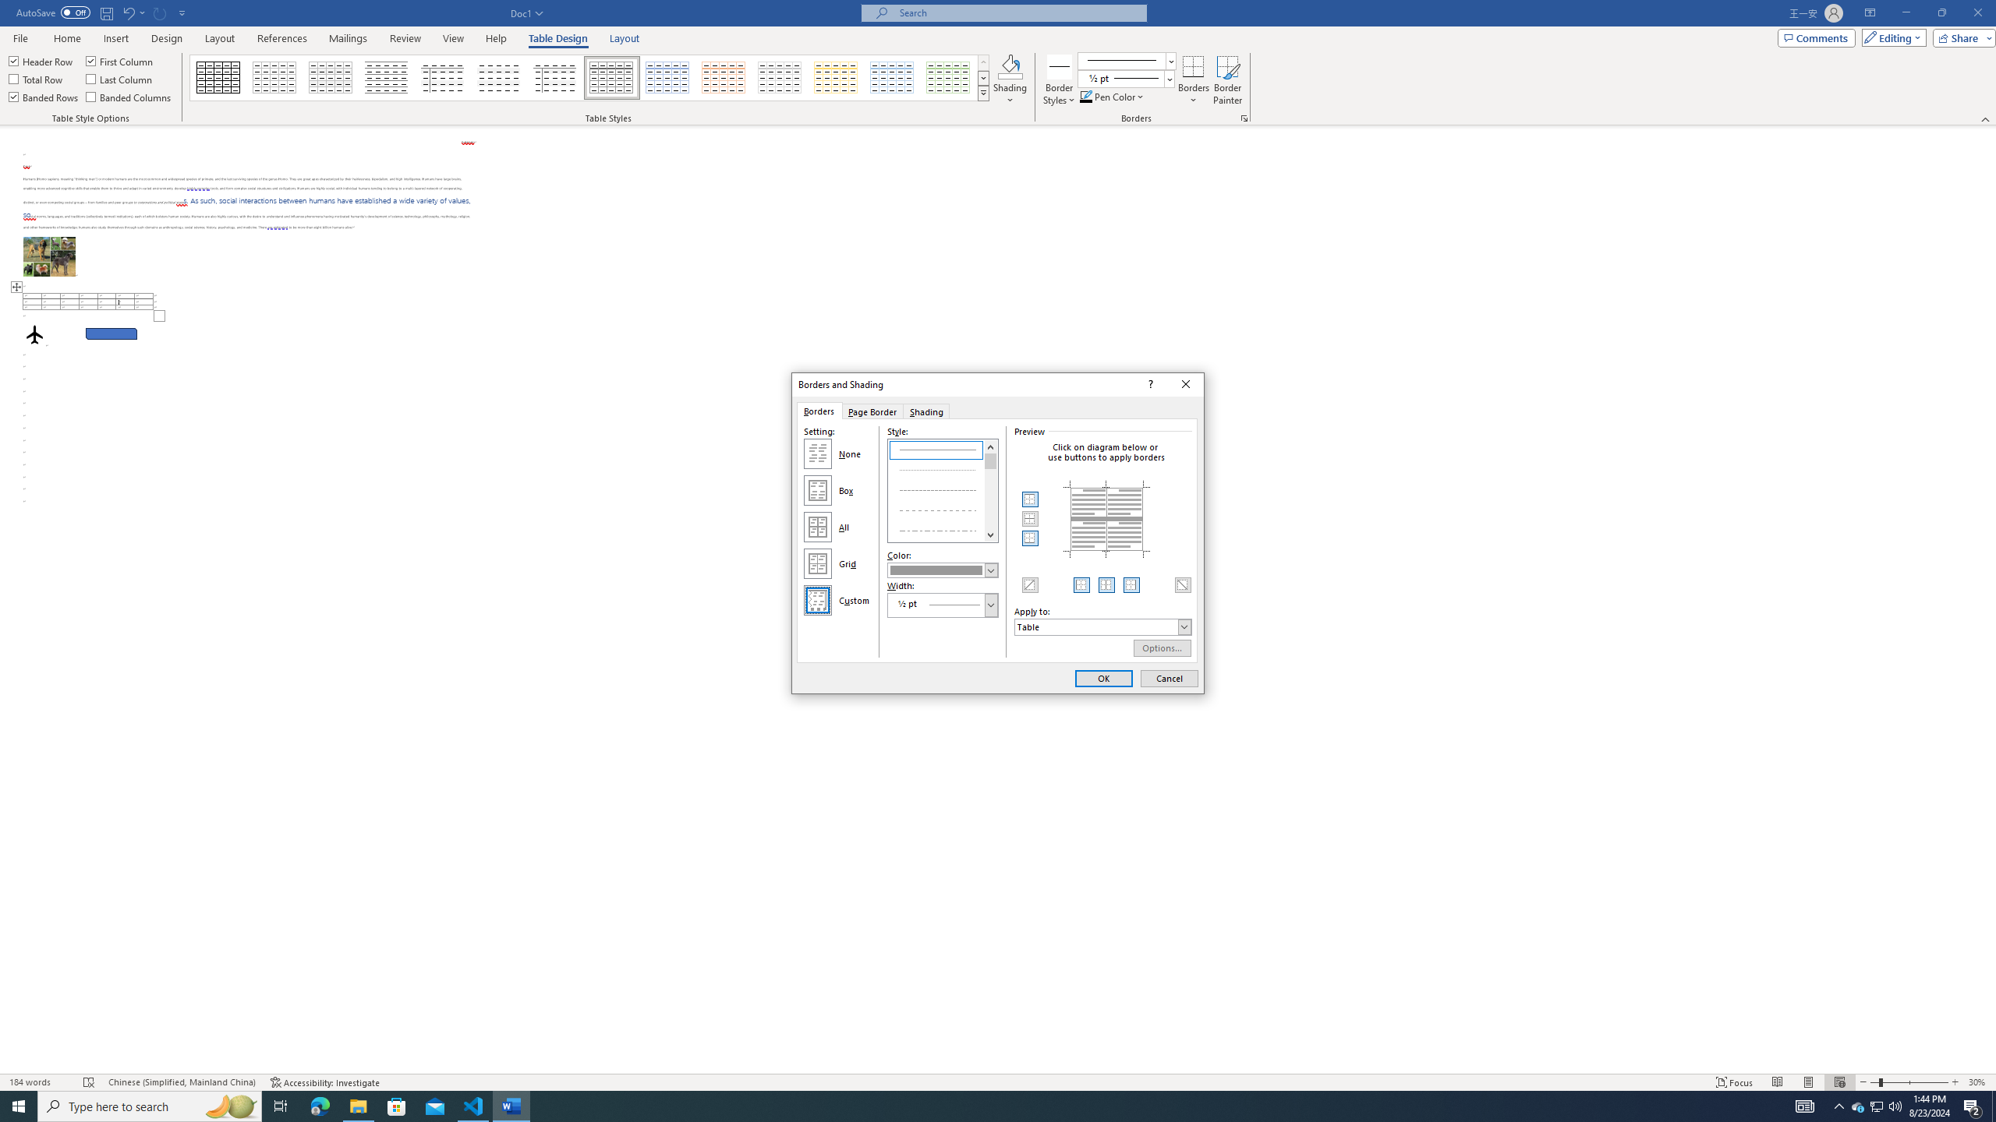 Image resolution: width=1996 pixels, height=1122 pixels. I want to click on 'Shading', so click(928, 410).